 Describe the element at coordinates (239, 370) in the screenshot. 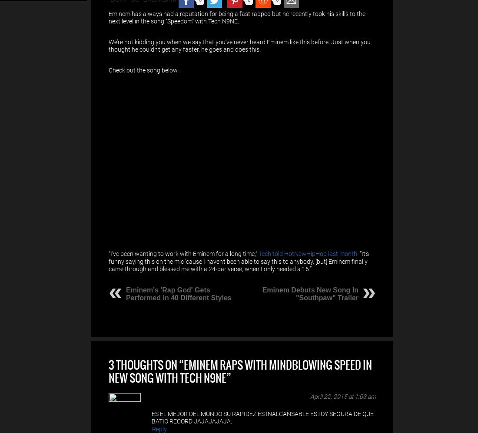

I see `'Eminem Raps With Mindblowing Speed In New Song With Tech N9ne'` at that location.